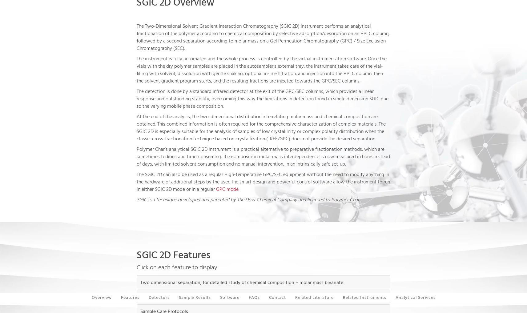  What do you see at coordinates (136, 99) in the screenshot?
I see `'The detection is done by a standard infrared detector at the exit of the GPC/SEC columns, which provides a linear response and outstanding stability, overcoming this way the limitations in detection found in single dimension SGIC due to the varying mobile phase composition.'` at bounding box center [136, 99].